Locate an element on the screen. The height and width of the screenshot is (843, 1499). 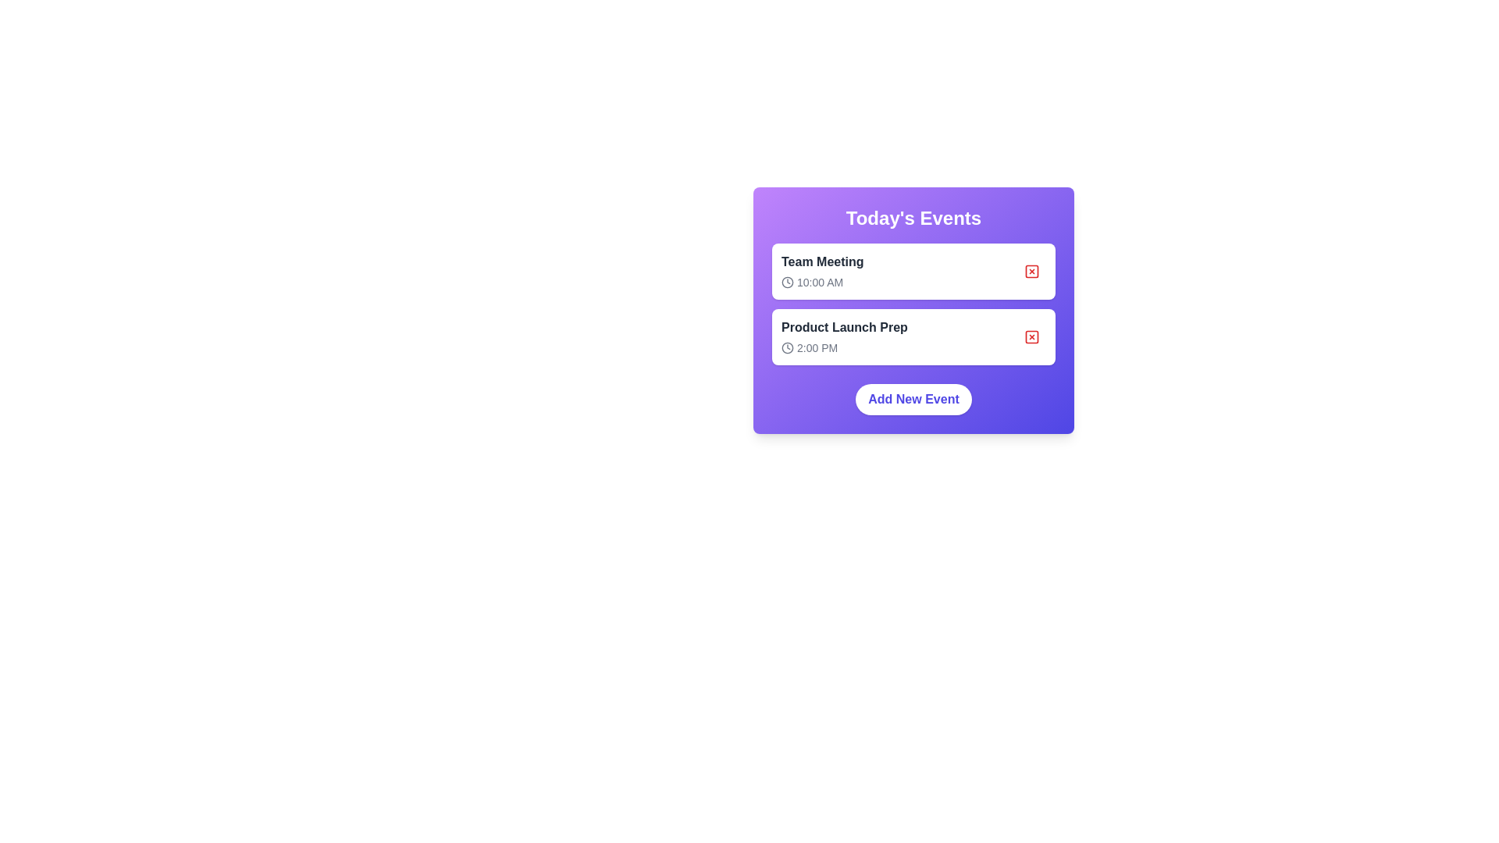
the individual event in the list of scheduled events under the heading 'Today's Events' is located at coordinates (913, 304).